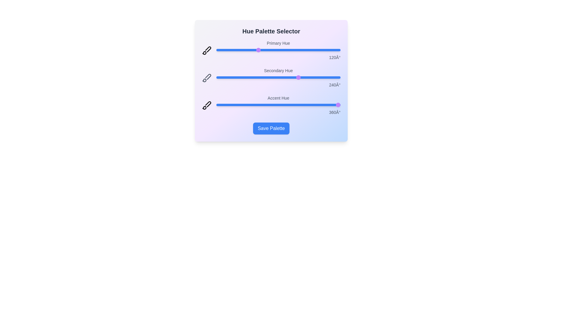 The image size is (573, 322). What do you see at coordinates (271, 128) in the screenshot?
I see `the 'Save Palette' button` at bounding box center [271, 128].